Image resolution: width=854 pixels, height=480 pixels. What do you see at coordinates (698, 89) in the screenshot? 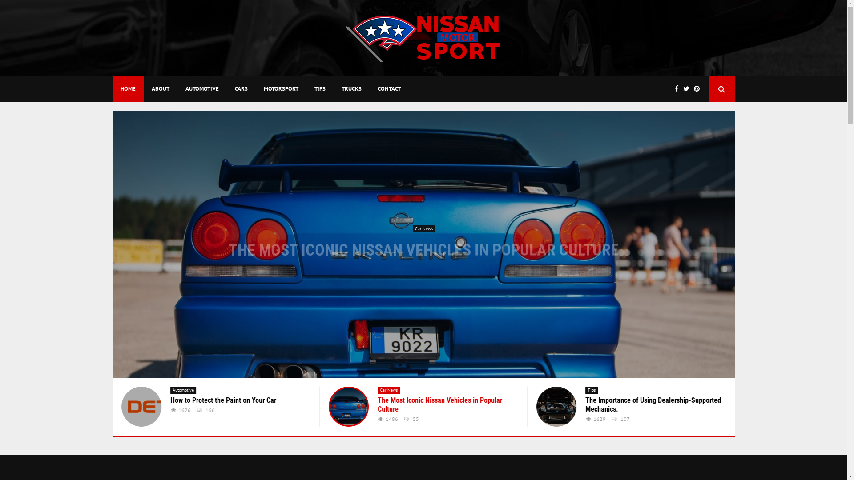
I see `'Pinterest'` at bounding box center [698, 89].